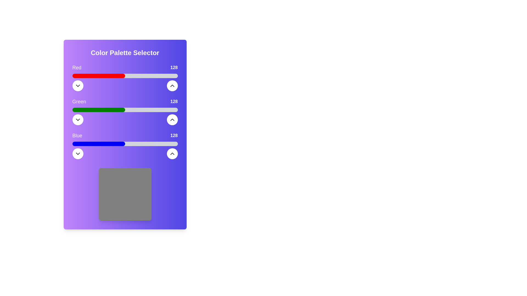 The image size is (527, 296). Describe the element at coordinates (85, 110) in the screenshot. I see `the green color intensity` at that location.